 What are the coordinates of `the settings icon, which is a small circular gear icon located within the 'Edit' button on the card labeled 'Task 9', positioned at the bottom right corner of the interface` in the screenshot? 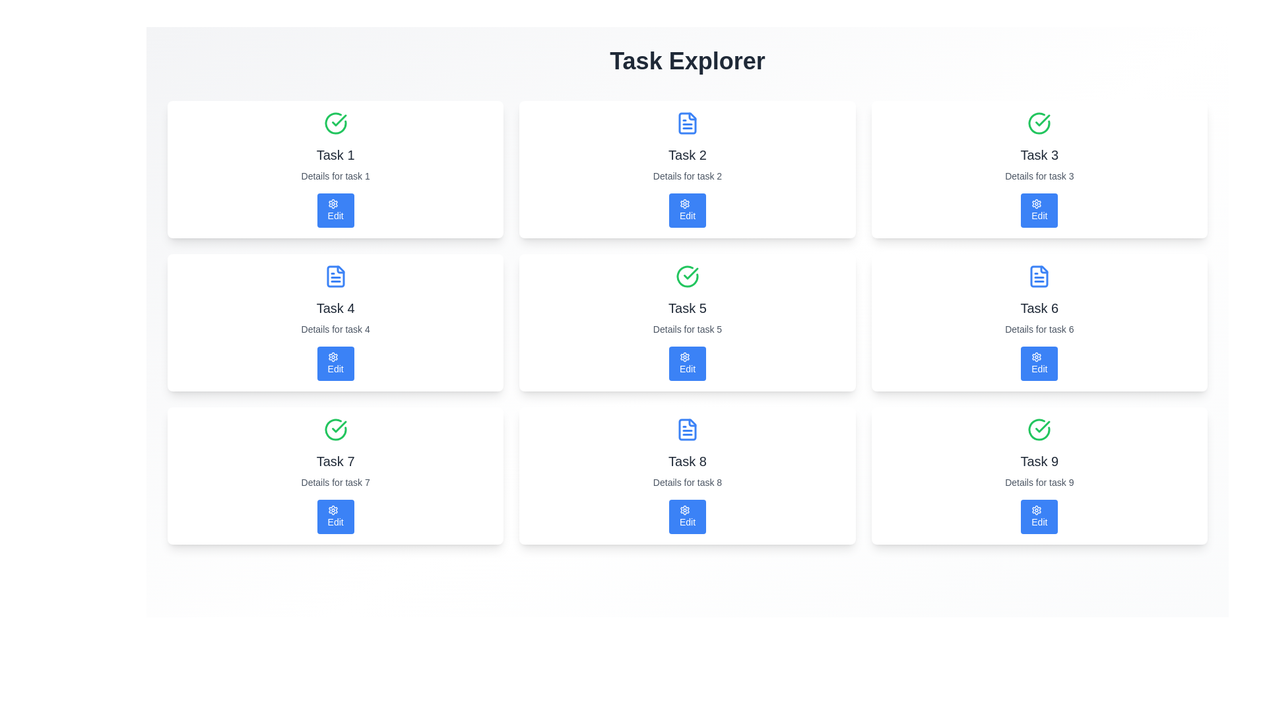 It's located at (1036, 509).